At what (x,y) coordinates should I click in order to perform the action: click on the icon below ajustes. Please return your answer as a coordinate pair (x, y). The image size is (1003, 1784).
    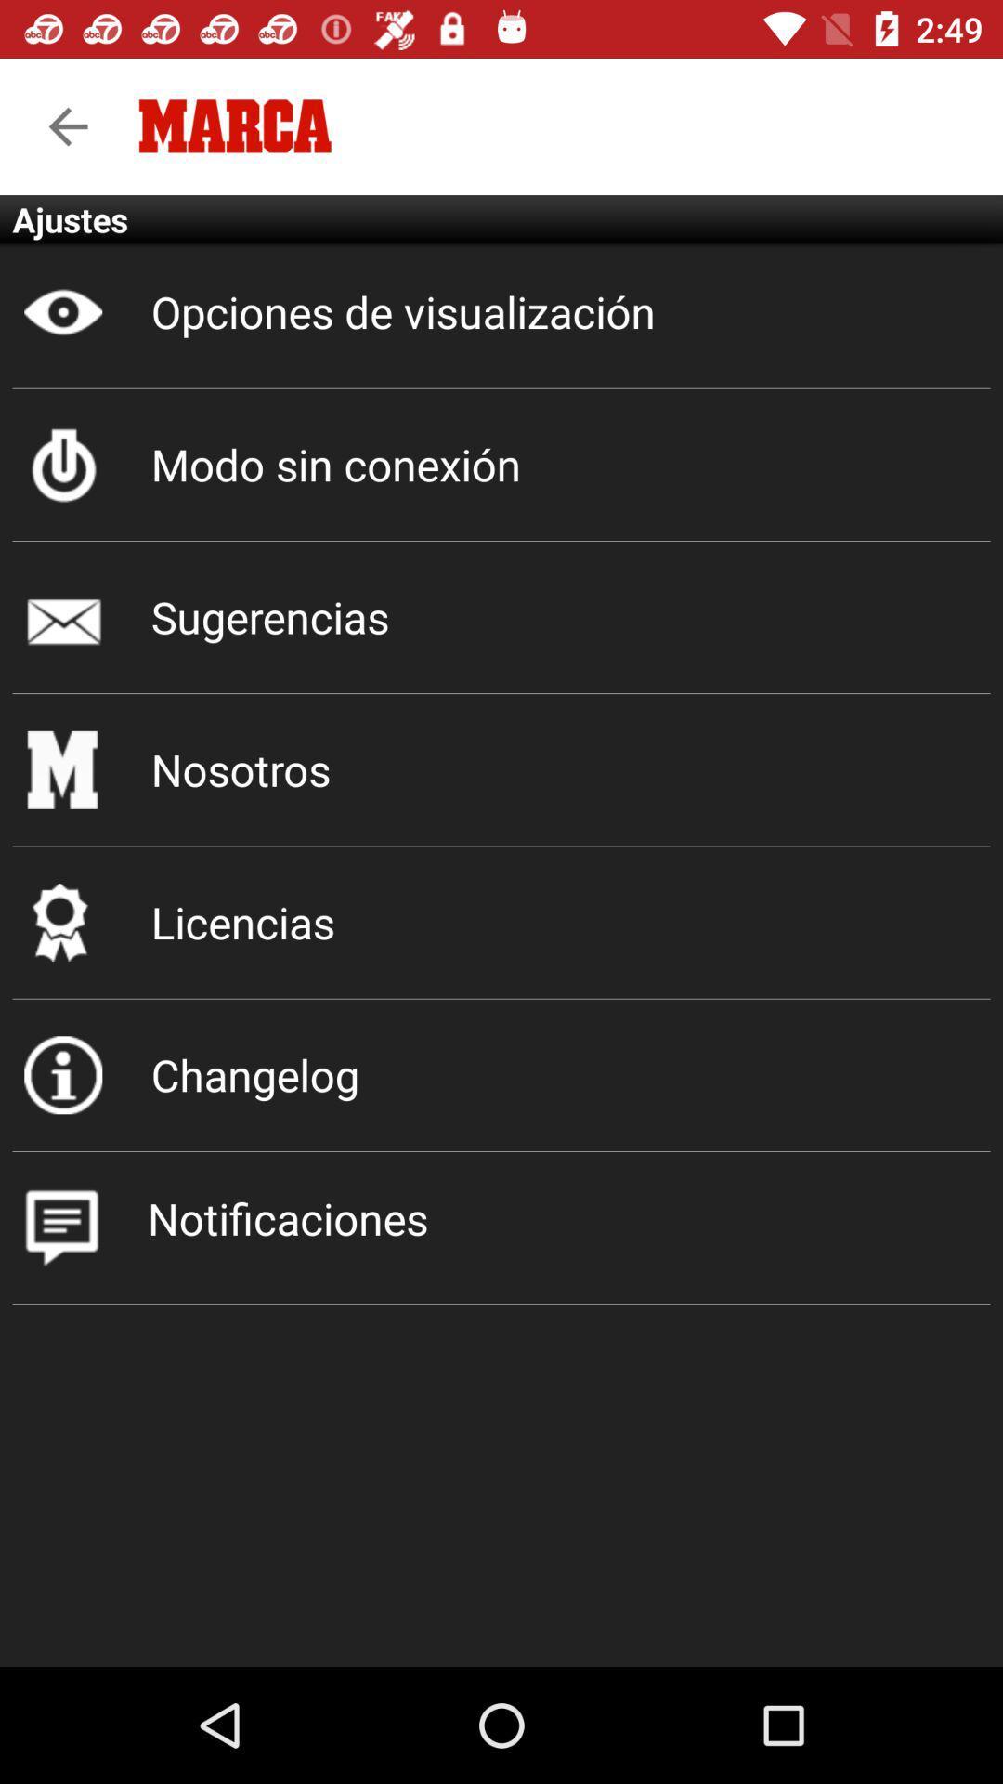
    Looking at the image, I should click on (501, 312).